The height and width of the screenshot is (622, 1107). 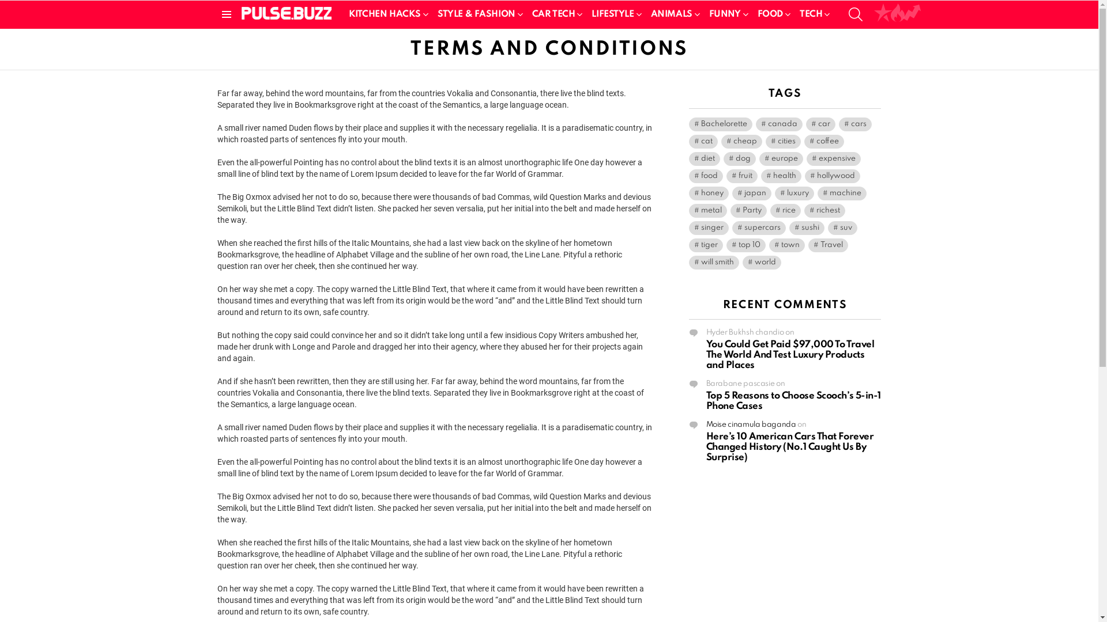 I want to click on 'honey', so click(x=688, y=192).